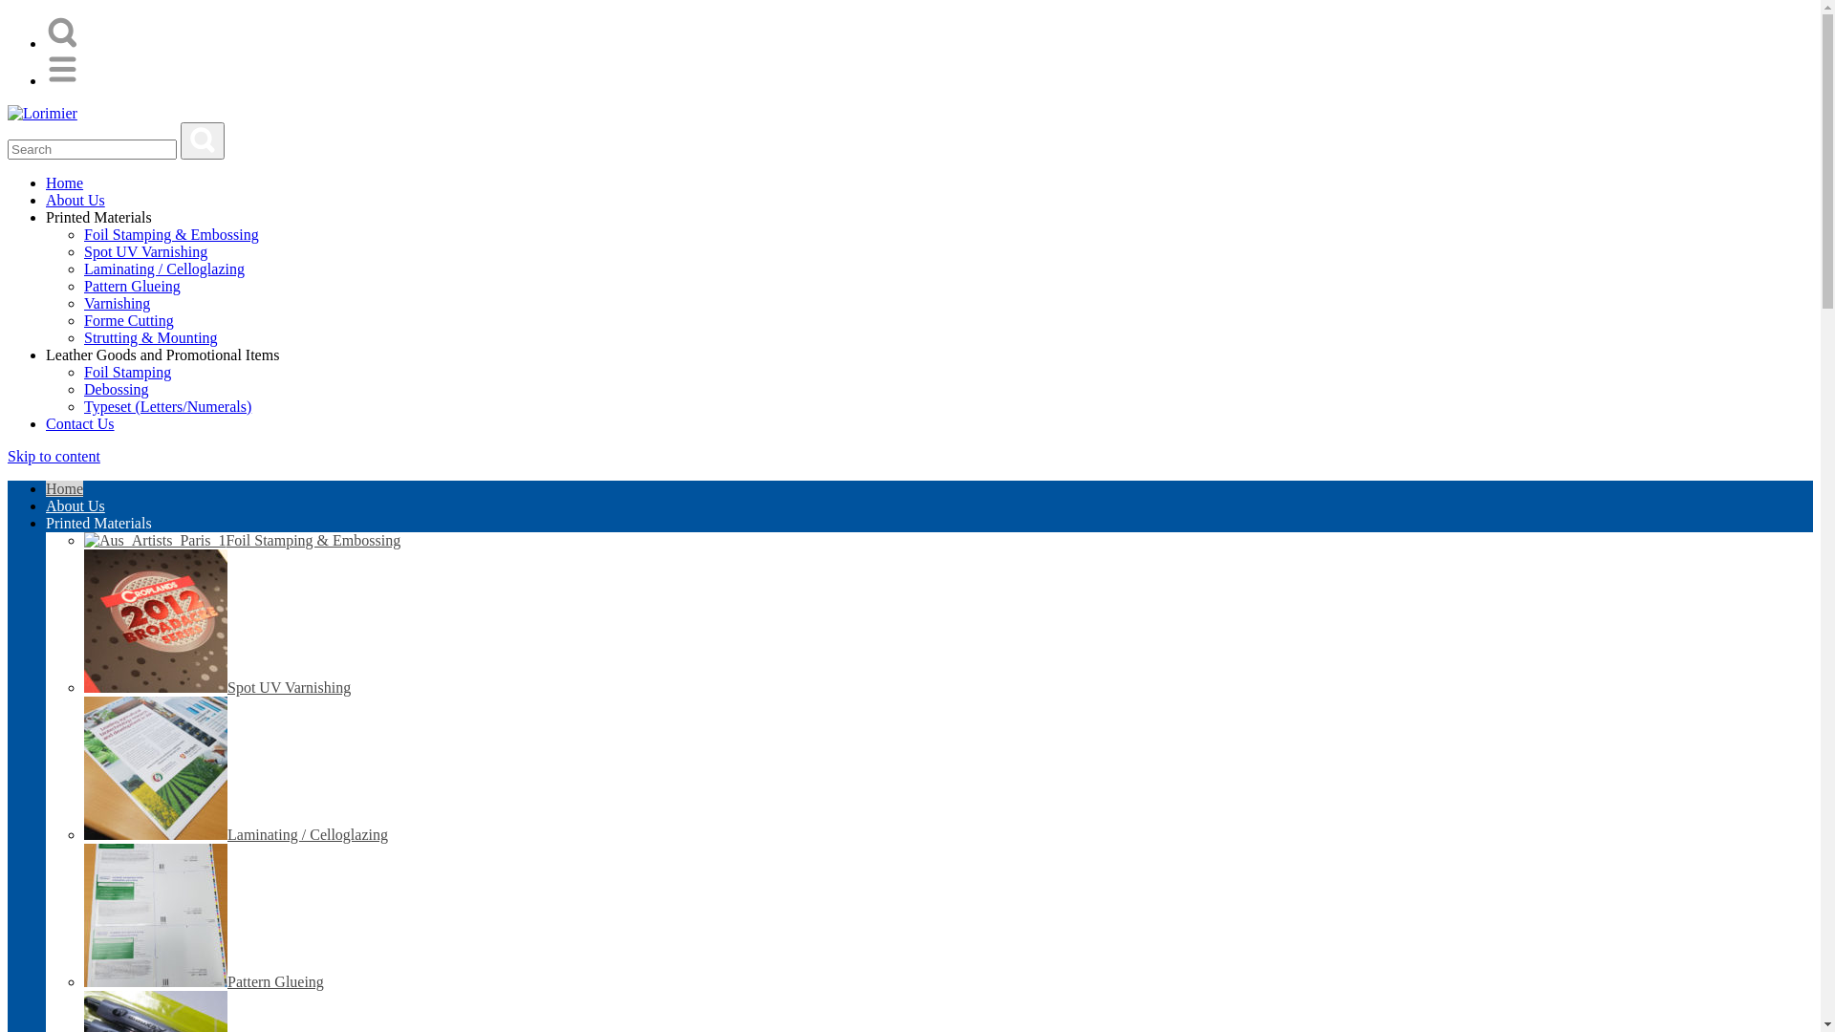 The height and width of the screenshot is (1032, 1835). I want to click on 'Spot UV Varnishing', so click(82, 686).